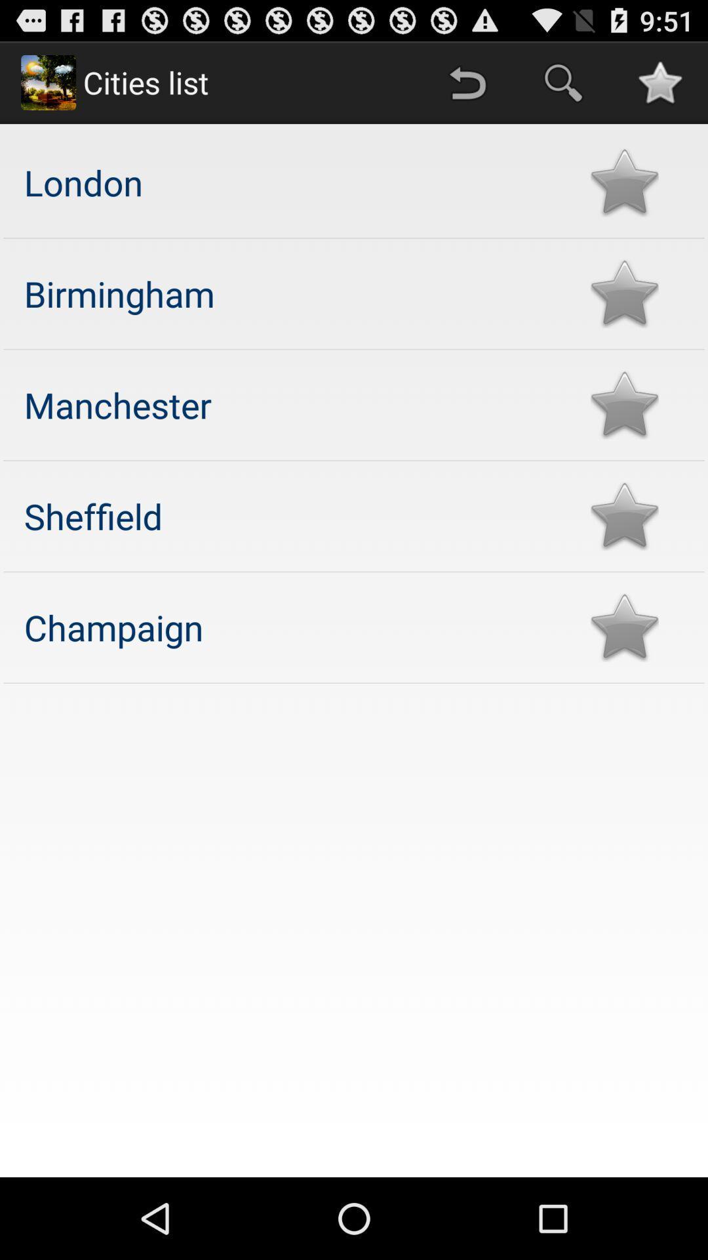  Describe the element at coordinates (623, 627) in the screenshot. I see `added` at that location.